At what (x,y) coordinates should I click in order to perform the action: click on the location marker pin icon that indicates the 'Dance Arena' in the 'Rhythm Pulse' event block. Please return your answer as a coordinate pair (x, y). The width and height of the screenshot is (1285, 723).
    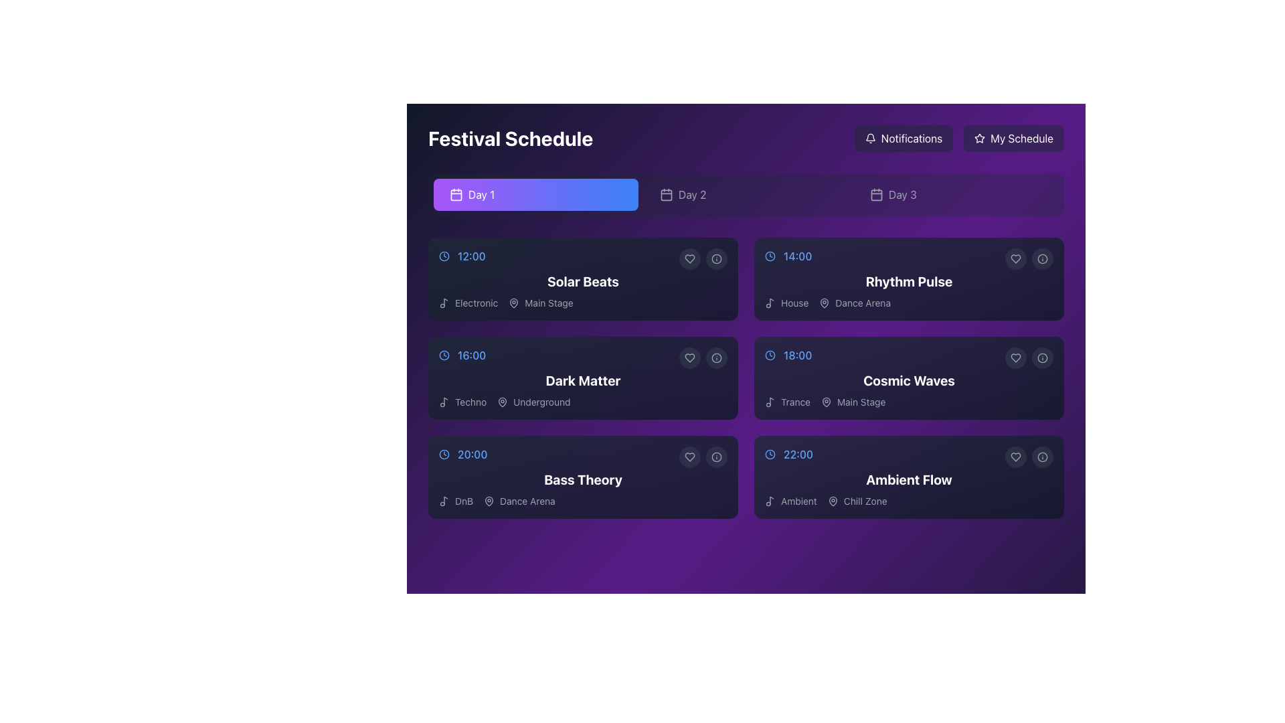
    Looking at the image, I should click on (824, 303).